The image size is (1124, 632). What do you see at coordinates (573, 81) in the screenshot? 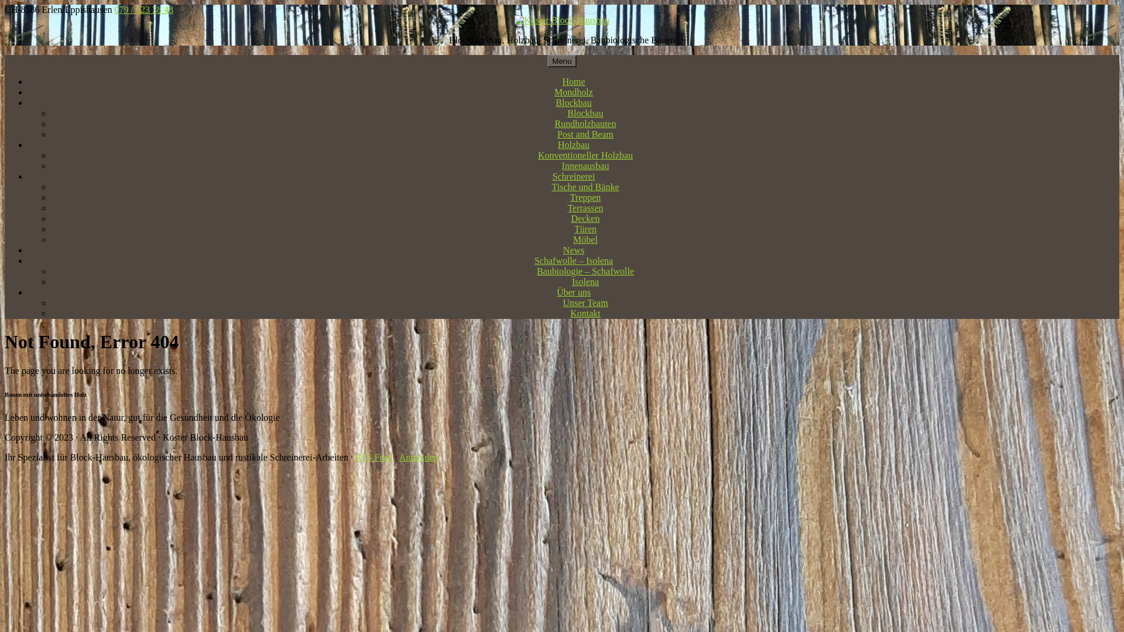
I see `'Home'` at bounding box center [573, 81].